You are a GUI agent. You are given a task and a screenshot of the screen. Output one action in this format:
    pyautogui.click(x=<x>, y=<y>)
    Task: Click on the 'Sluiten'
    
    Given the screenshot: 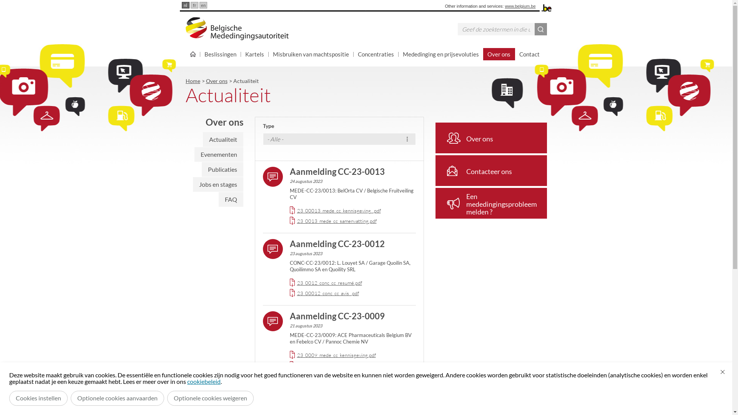 What is the action you would take?
    pyautogui.click(x=722, y=372)
    